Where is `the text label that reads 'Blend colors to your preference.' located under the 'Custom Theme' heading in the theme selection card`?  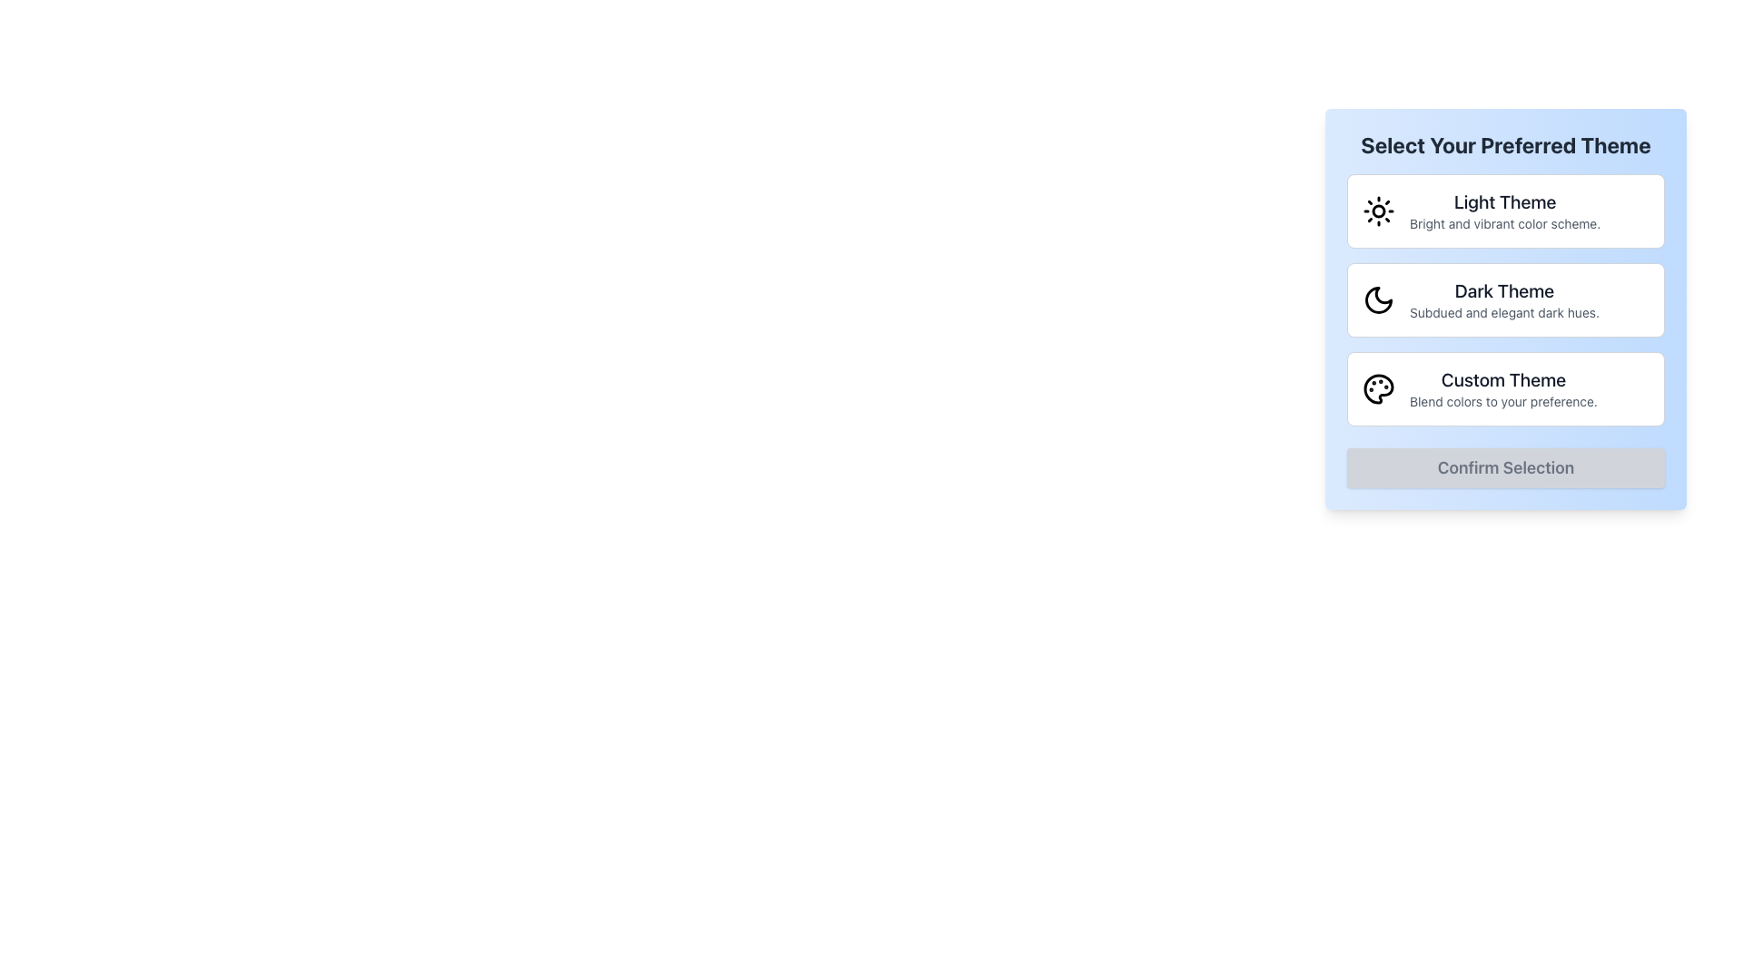
the text label that reads 'Blend colors to your preference.' located under the 'Custom Theme' heading in the theme selection card is located at coordinates (1503, 401).